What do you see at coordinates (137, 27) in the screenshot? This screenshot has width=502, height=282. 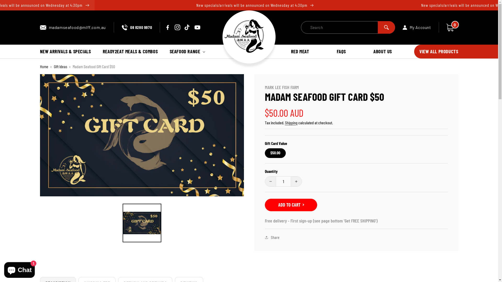 I see `'08 8280 9970'` at bounding box center [137, 27].